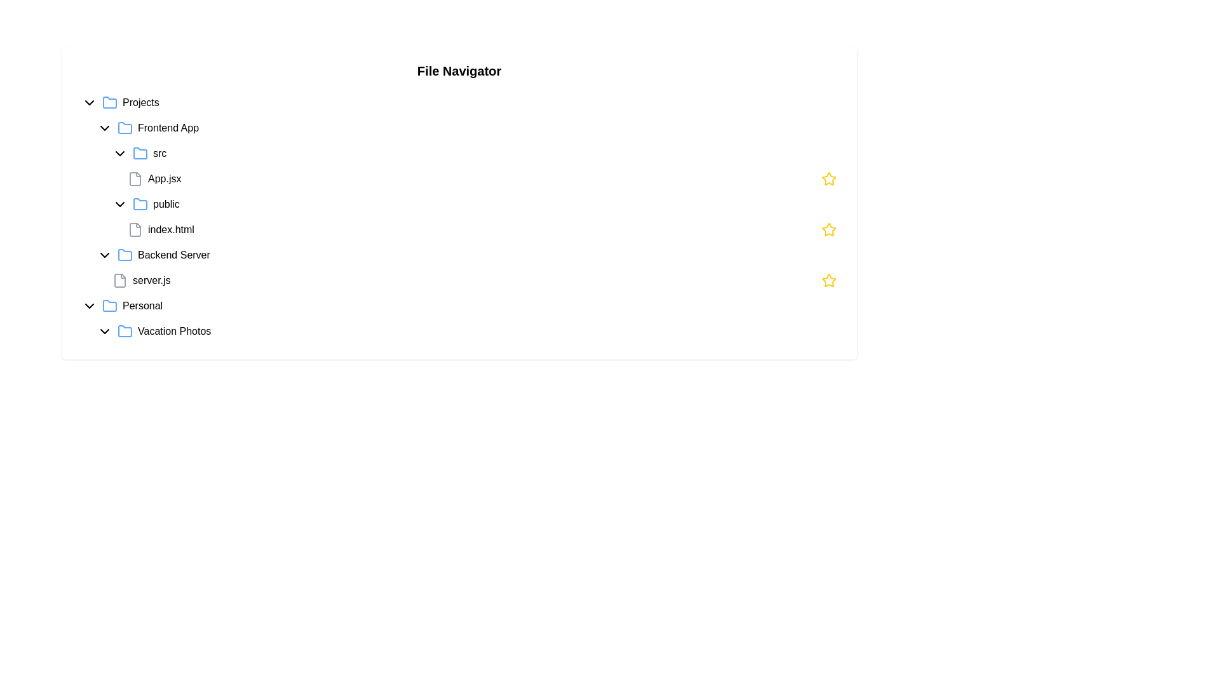  Describe the element at coordinates (173, 330) in the screenshot. I see `the 'Vacation Photos' text label within the 'Personal' folder entry in the file navigator` at that location.